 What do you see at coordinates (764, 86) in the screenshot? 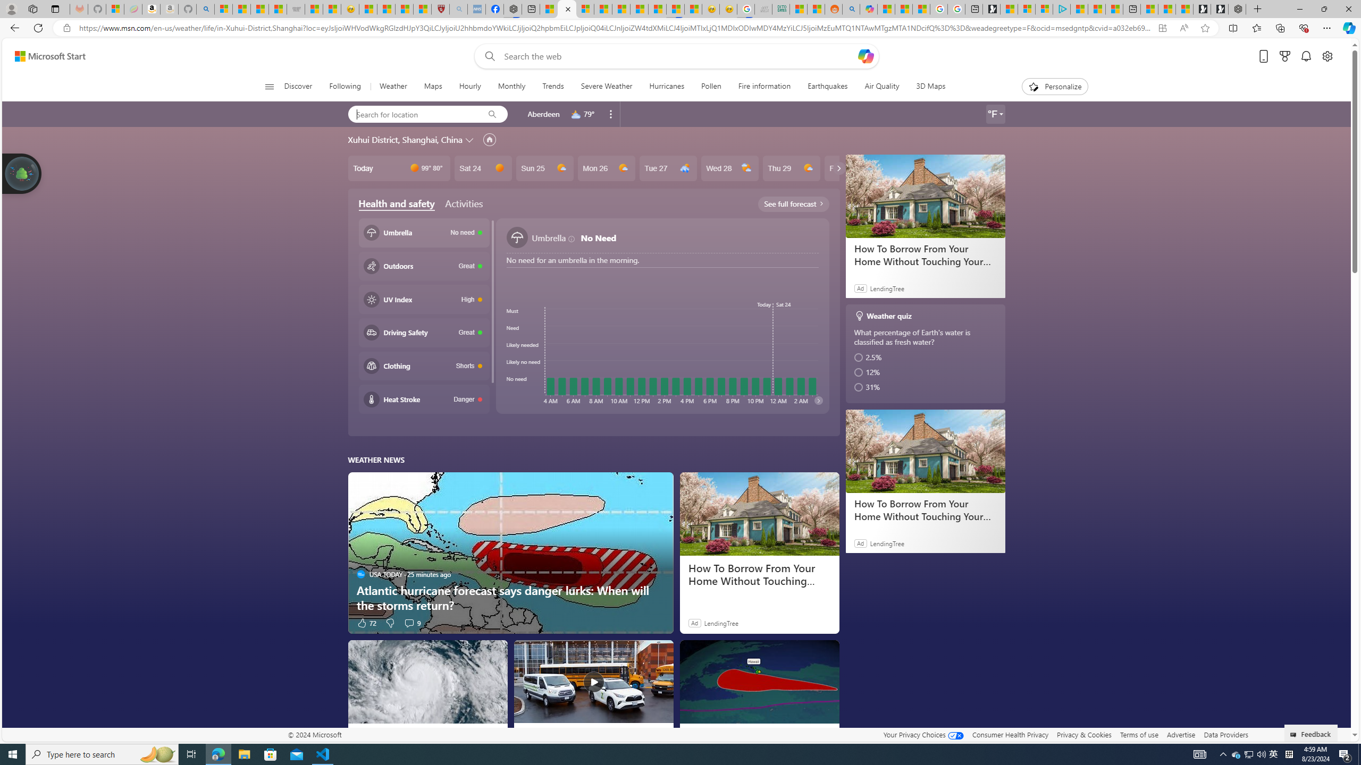
I see `'Fire information'` at bounding box center [764, 86].